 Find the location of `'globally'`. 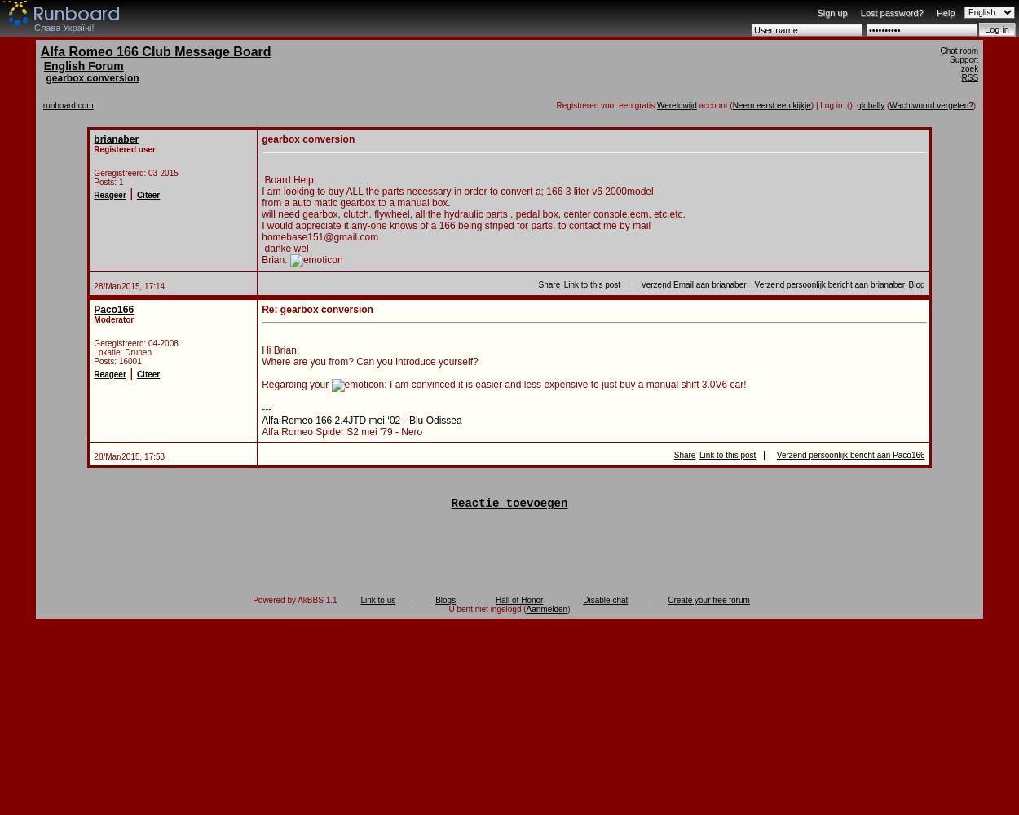

'globally' is located at coordinates (870, 105).